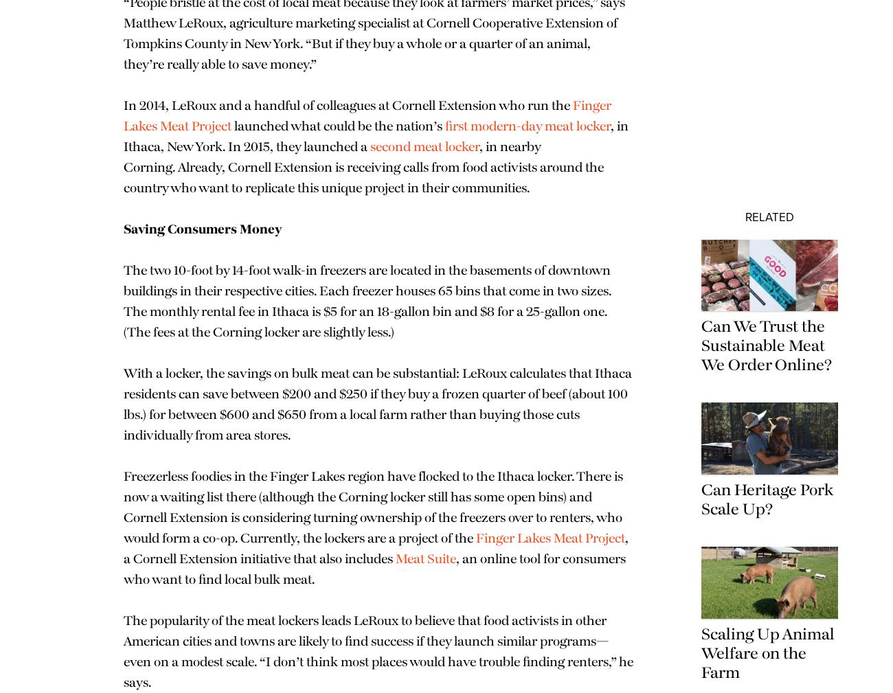 Image resolution: width=893 pixels, height=693 pixels. I want to click on ', in nearby Corning. Already, Cornell Extension is receiving calls from food activists around the country who want to replicate this unique project in their communities.', so click(363, 167).